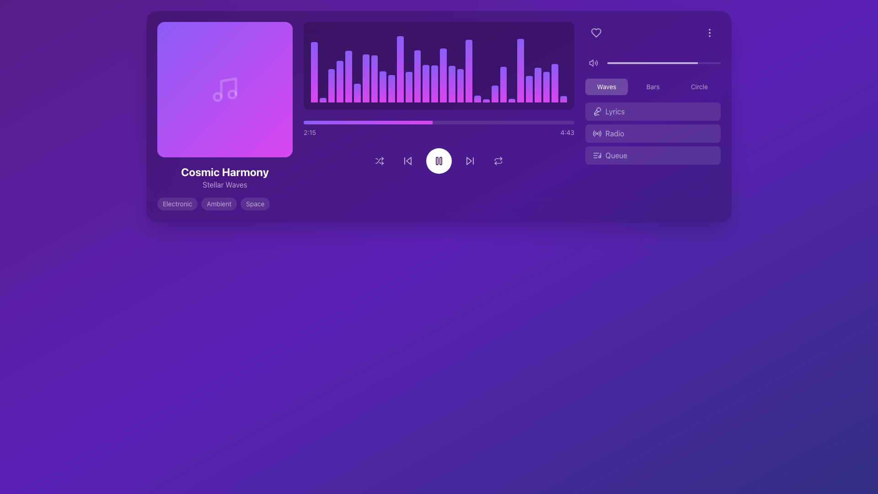  I want to click on the Vertical Ellipsis Icon located in the top-right corner of the interface, so click(709, 32).